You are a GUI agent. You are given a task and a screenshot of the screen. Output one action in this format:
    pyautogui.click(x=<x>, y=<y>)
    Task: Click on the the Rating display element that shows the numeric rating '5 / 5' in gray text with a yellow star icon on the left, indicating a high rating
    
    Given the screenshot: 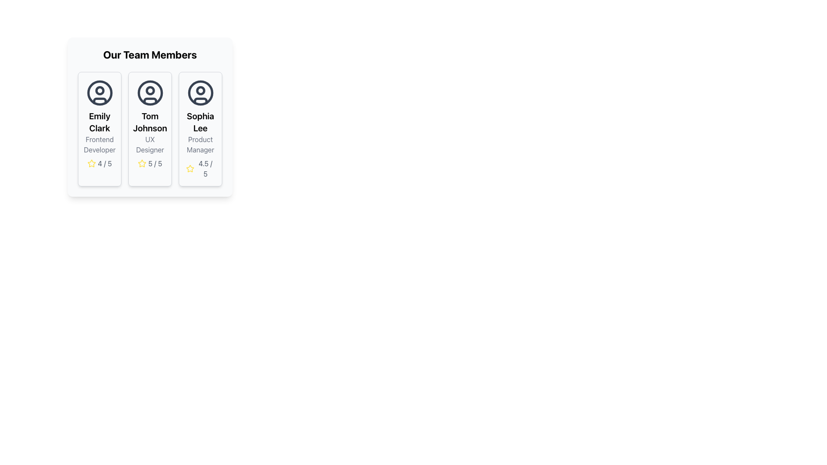 What is the action you would take?
    pyautogui.click(x=150, y=164)
    